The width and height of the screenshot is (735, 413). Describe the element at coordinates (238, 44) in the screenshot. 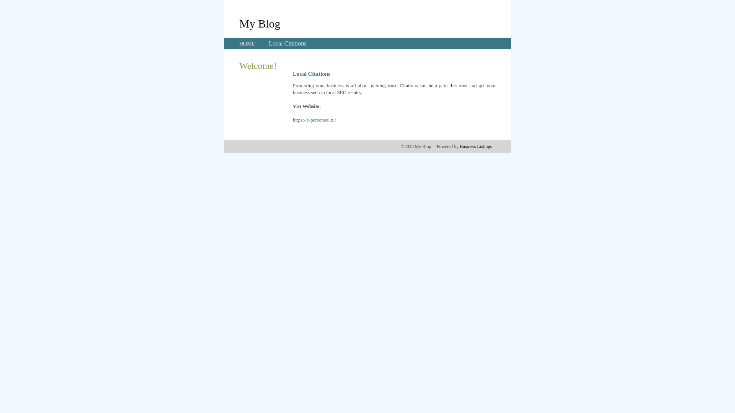

I see `'HOME'` at that location.